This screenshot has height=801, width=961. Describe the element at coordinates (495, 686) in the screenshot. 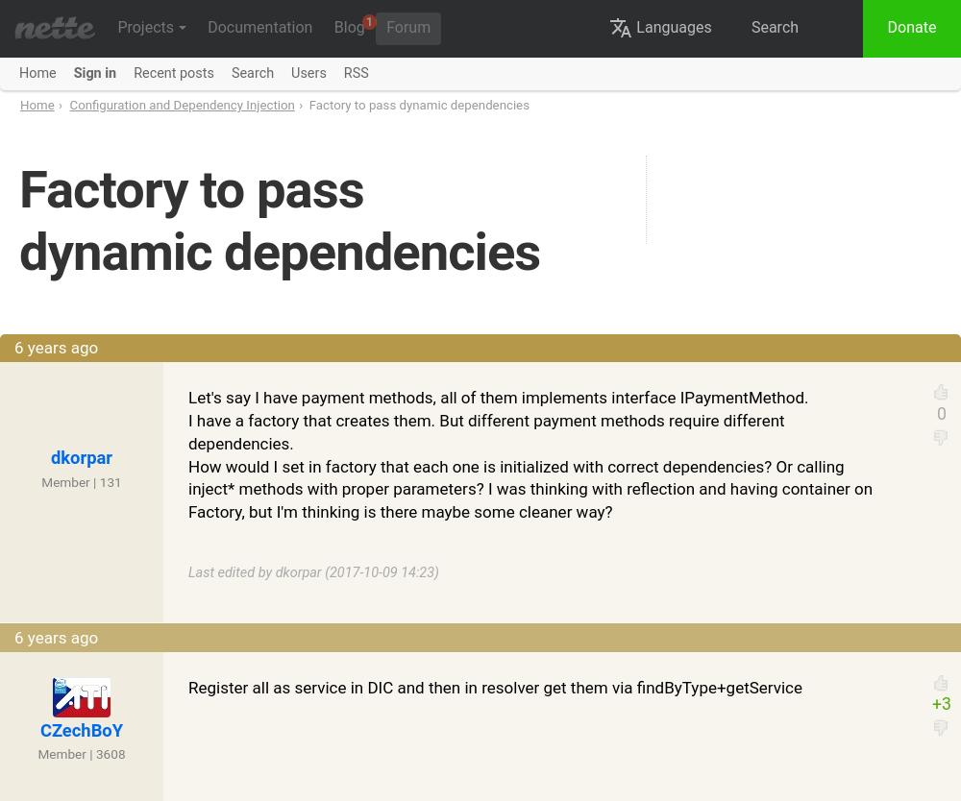

I see `'Register all as service in DIC and then in resolver get them via
findByType+getService'` at that location.